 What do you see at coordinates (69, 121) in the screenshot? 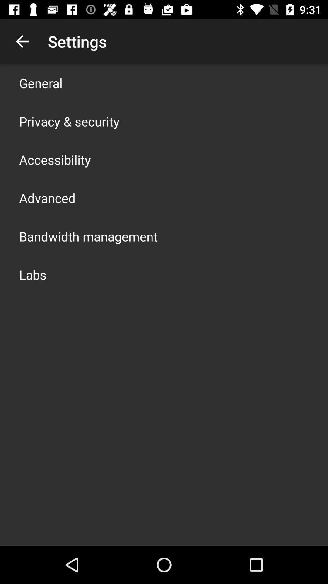
I see `the privacy & security icon` at bounding box center [69, 121].